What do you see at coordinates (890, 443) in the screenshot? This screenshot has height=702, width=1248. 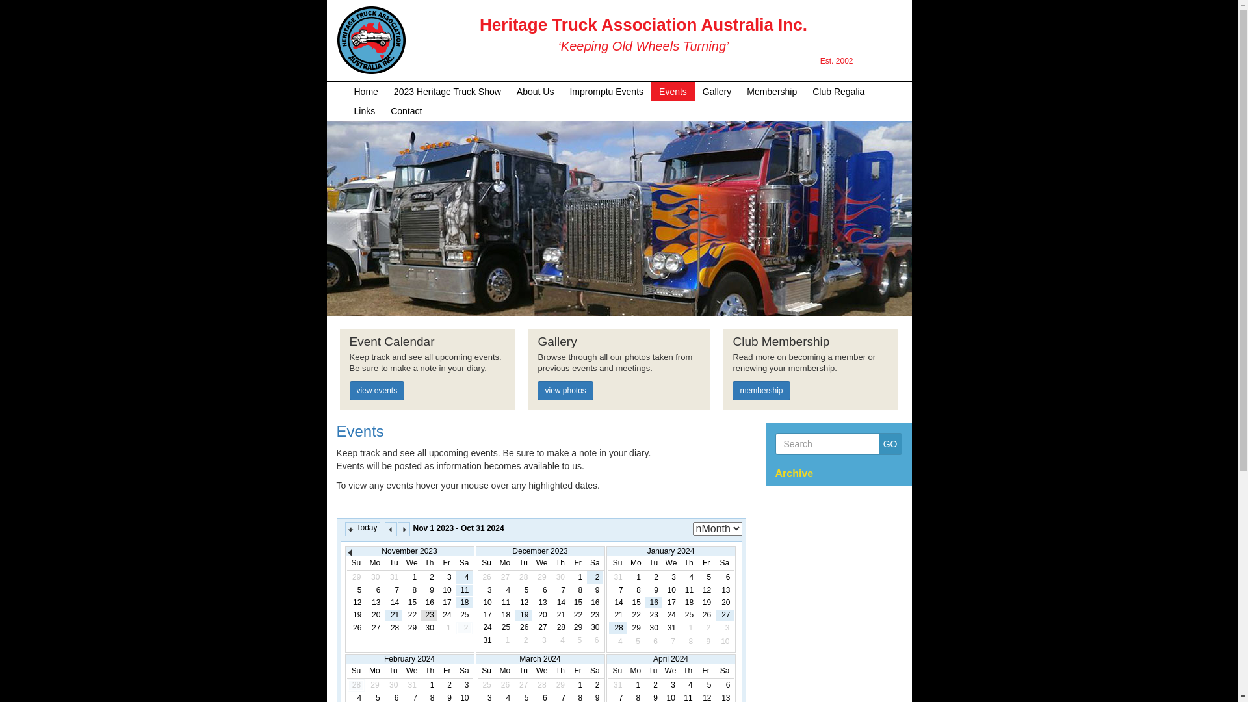 I see `'GO'` at bounding box center [890, 443].